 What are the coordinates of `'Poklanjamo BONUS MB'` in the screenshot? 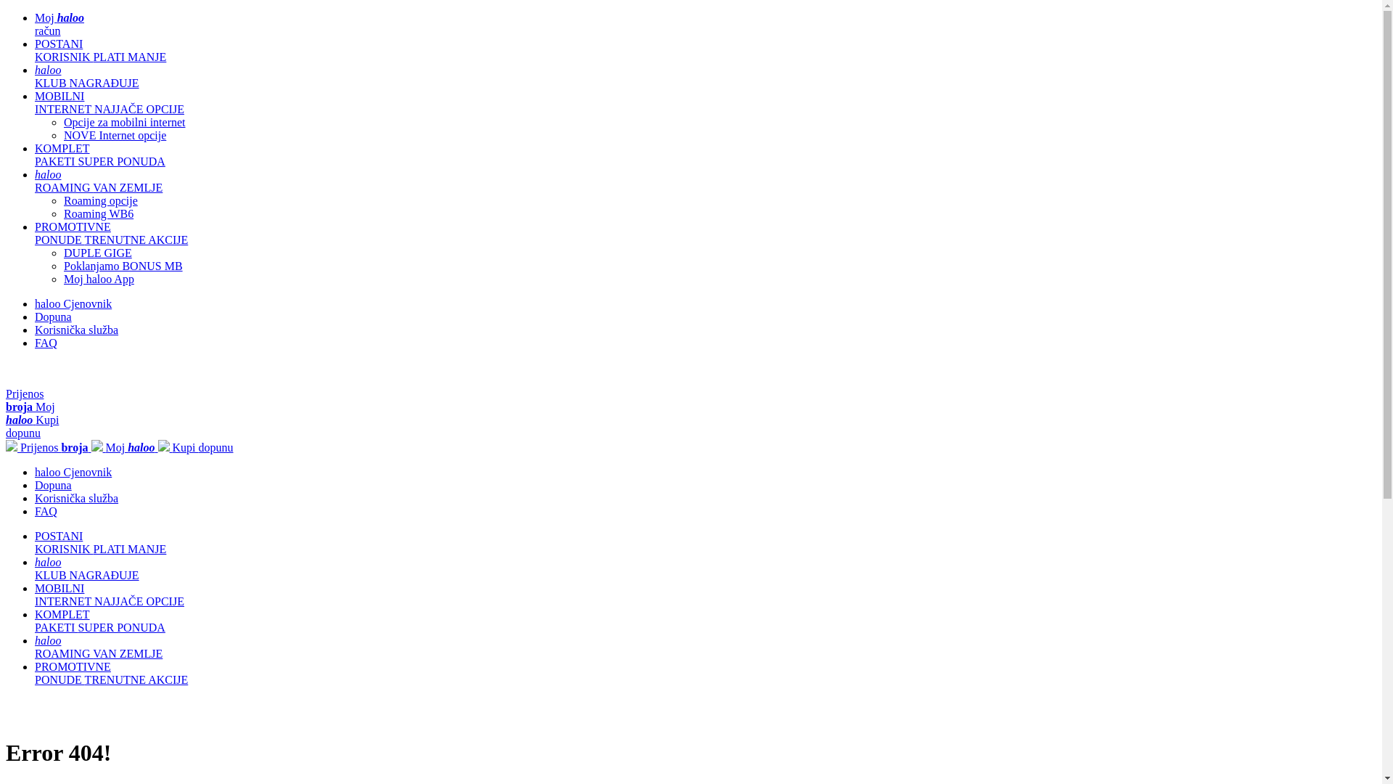 It's located at (123, 266).